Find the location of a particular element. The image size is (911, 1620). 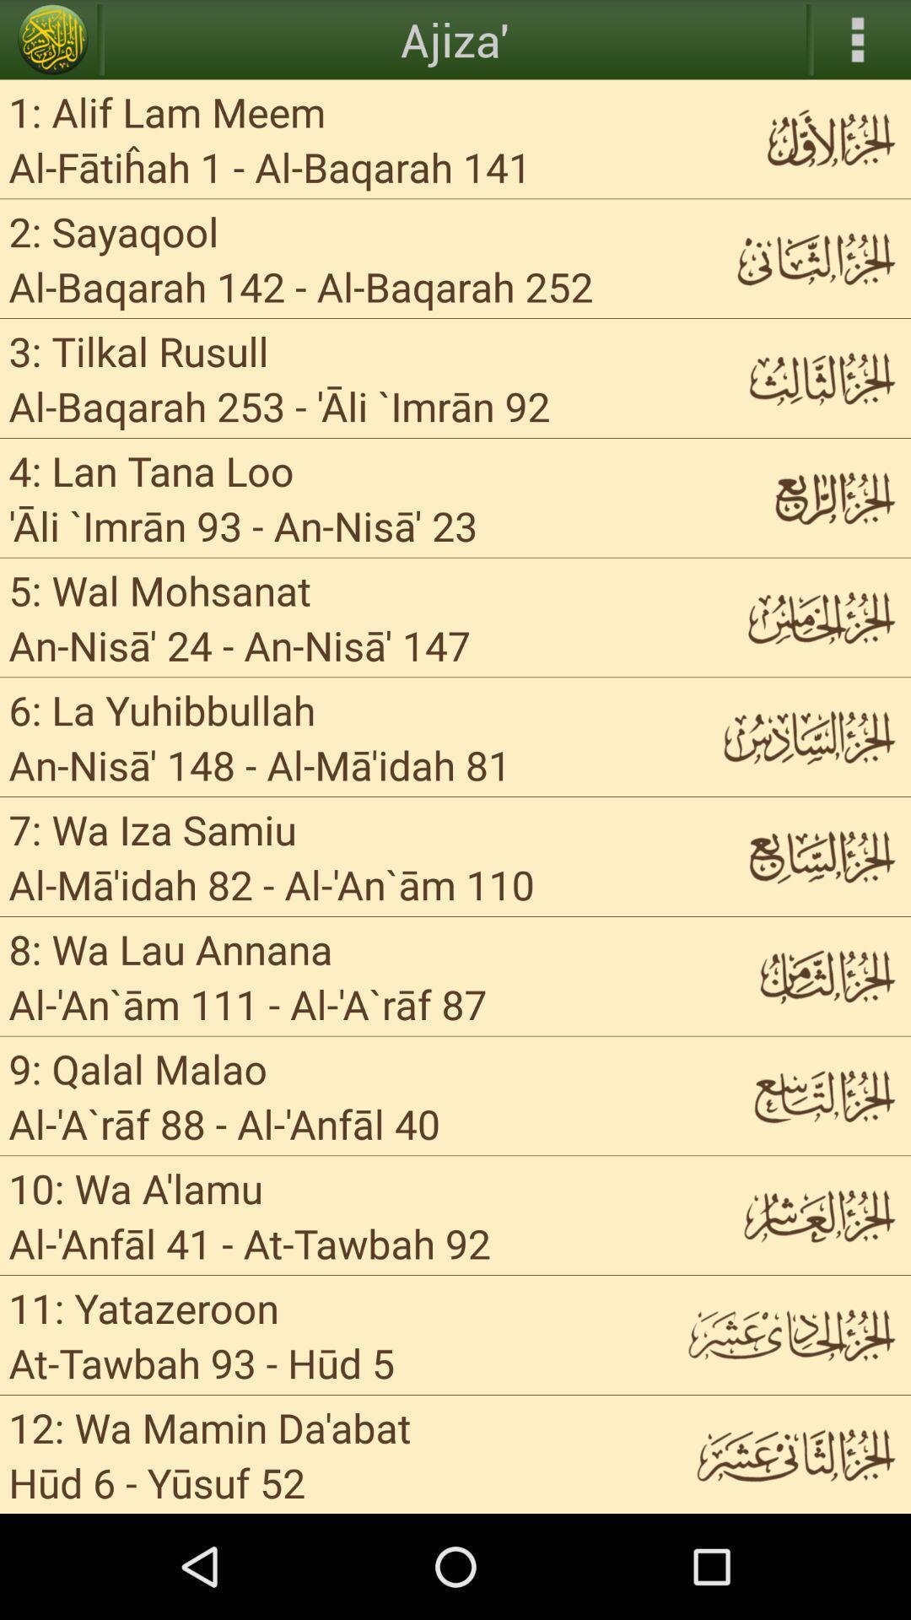

app above 1 alif lam item is located at coordinates (51, 40).